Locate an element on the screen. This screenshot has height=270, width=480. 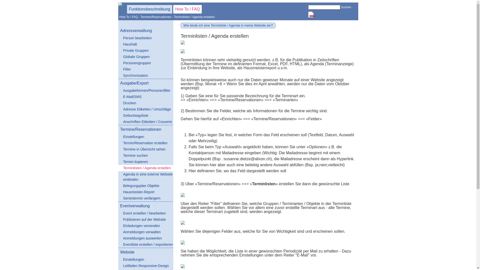
'Einladungen versenden' is located at coordinates (145, 226).